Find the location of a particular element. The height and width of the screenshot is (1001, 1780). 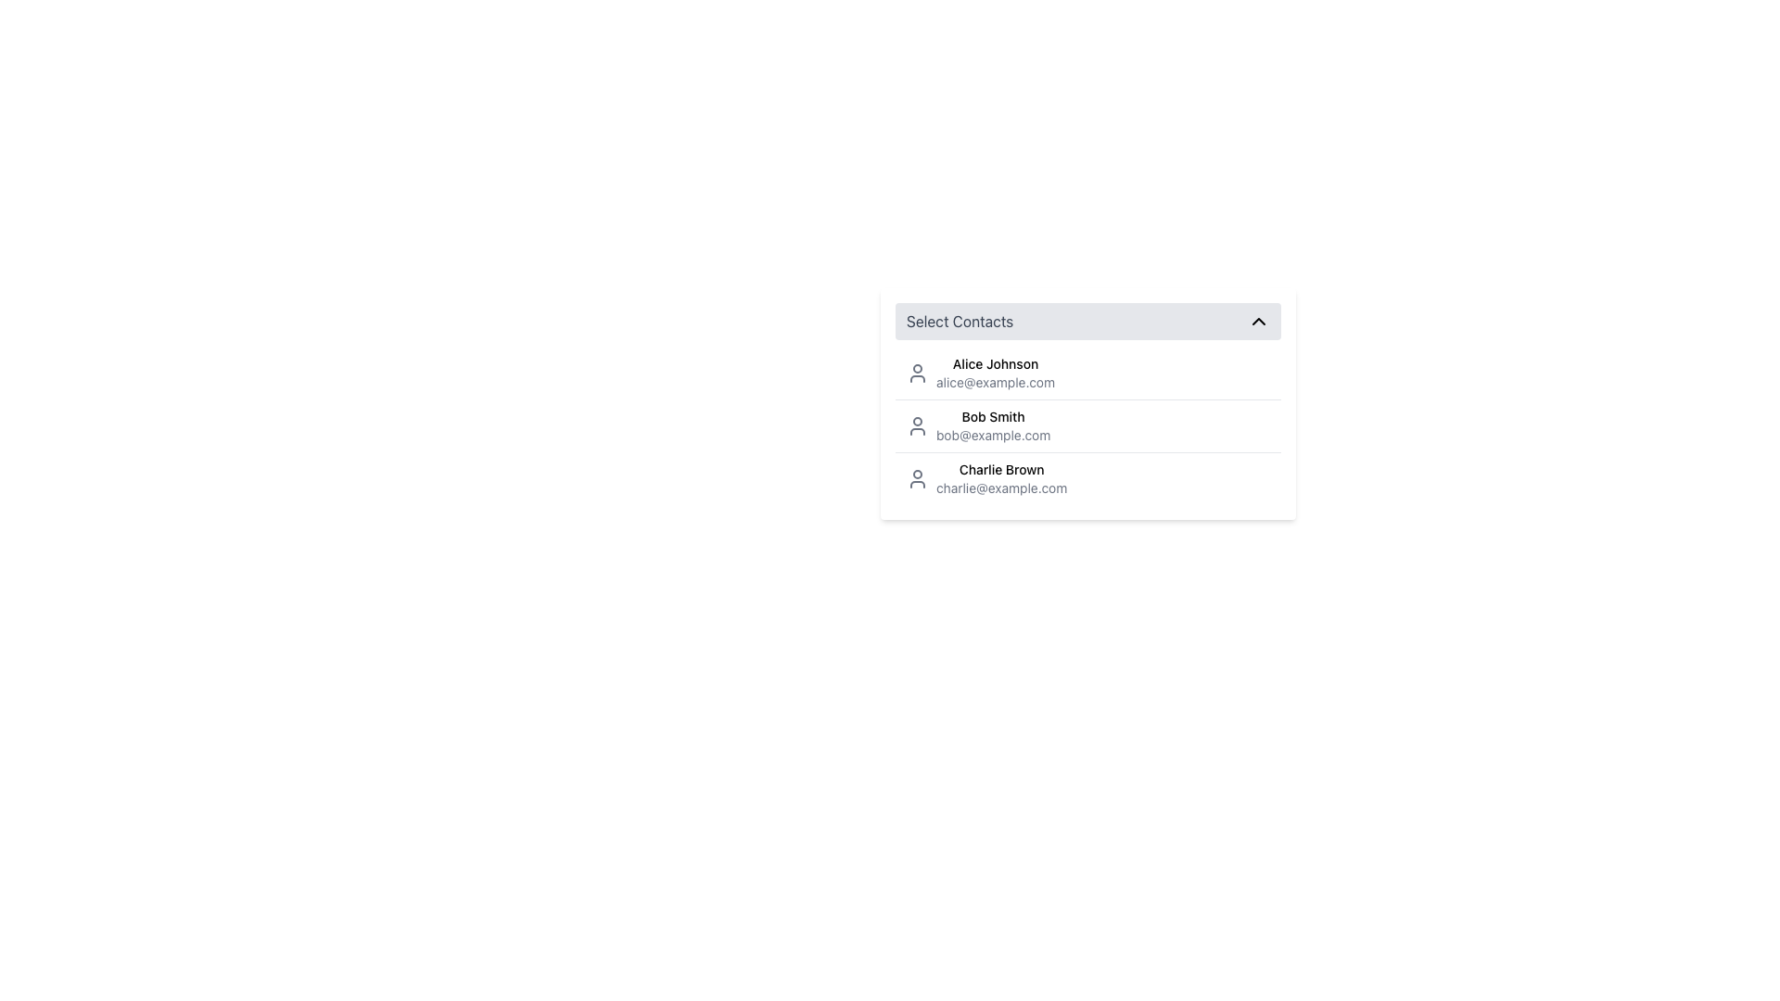

the user information list item displaying 'Charlie Brown' and 'charlie@example.com' is located at coordinates (985, 477).